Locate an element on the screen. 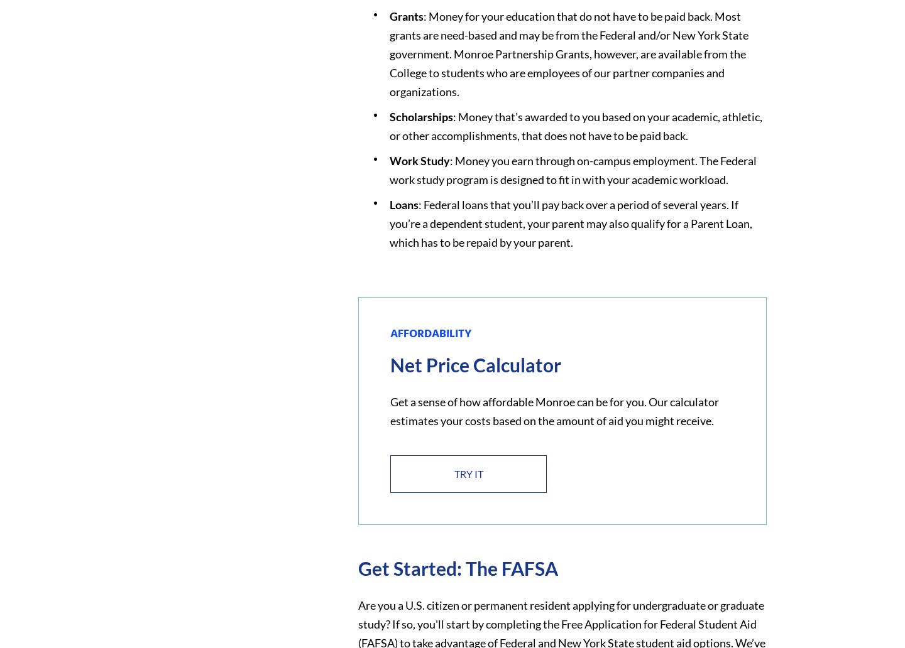 This screenshot has height=648, width=905. ': Money that’s awarded to you based on your academic, athletic, or other accomplishments, that does not have to be paid back.' is located at coordinates (575, 125).